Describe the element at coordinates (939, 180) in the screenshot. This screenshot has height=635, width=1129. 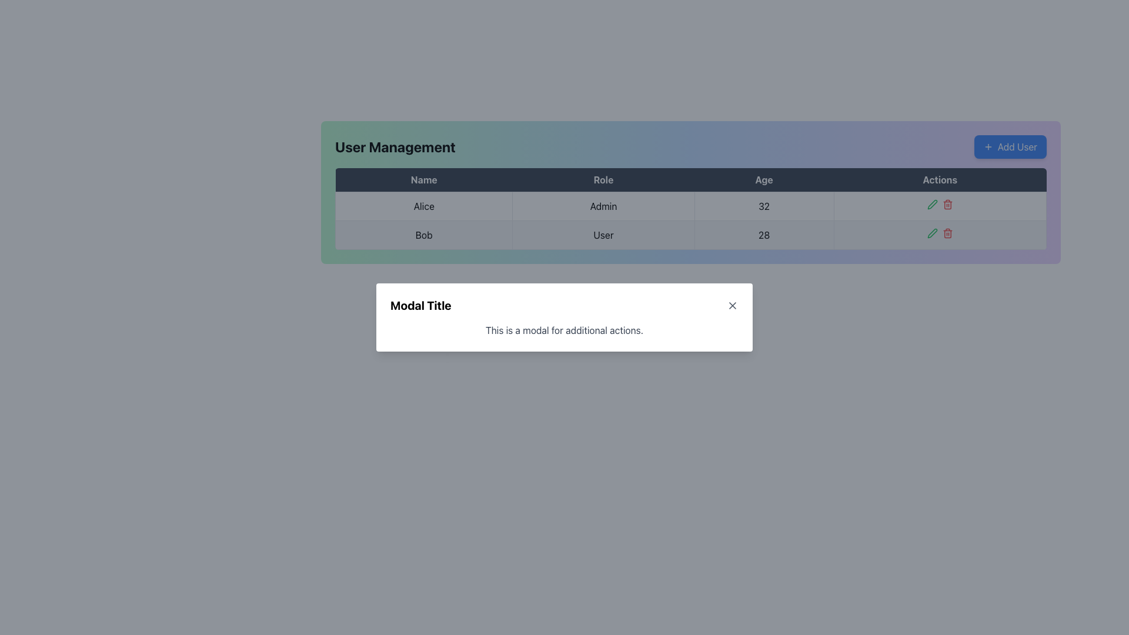
I see `the header label for the 'Actions' column located in the top-right section of the table's header row, which is the fourth cell to the right of the 'Age' column` at that location.